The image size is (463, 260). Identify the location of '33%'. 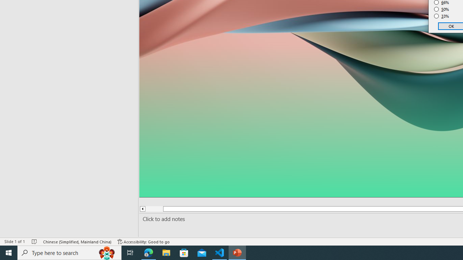
(441, 16).